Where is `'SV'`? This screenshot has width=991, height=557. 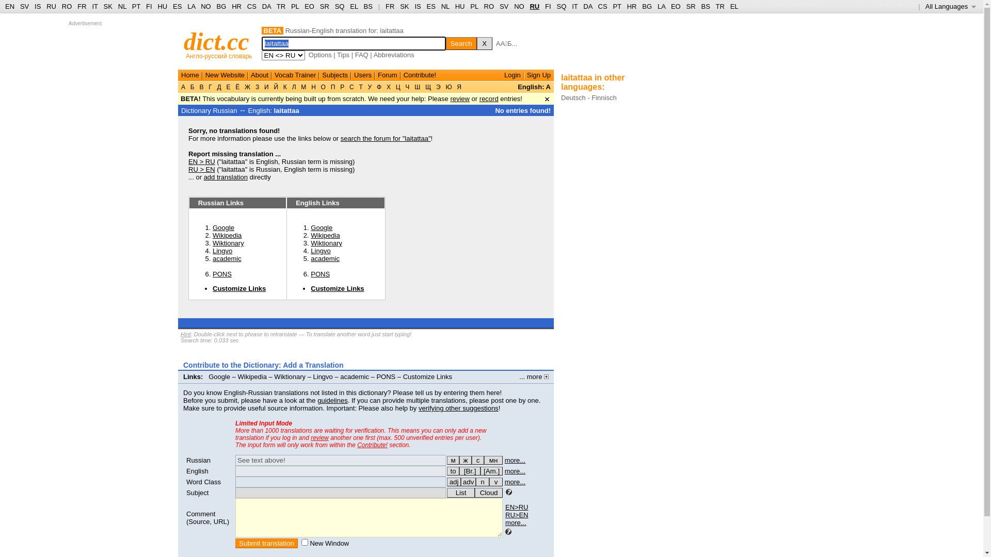
'SV' is located at coordinates (504, 6).